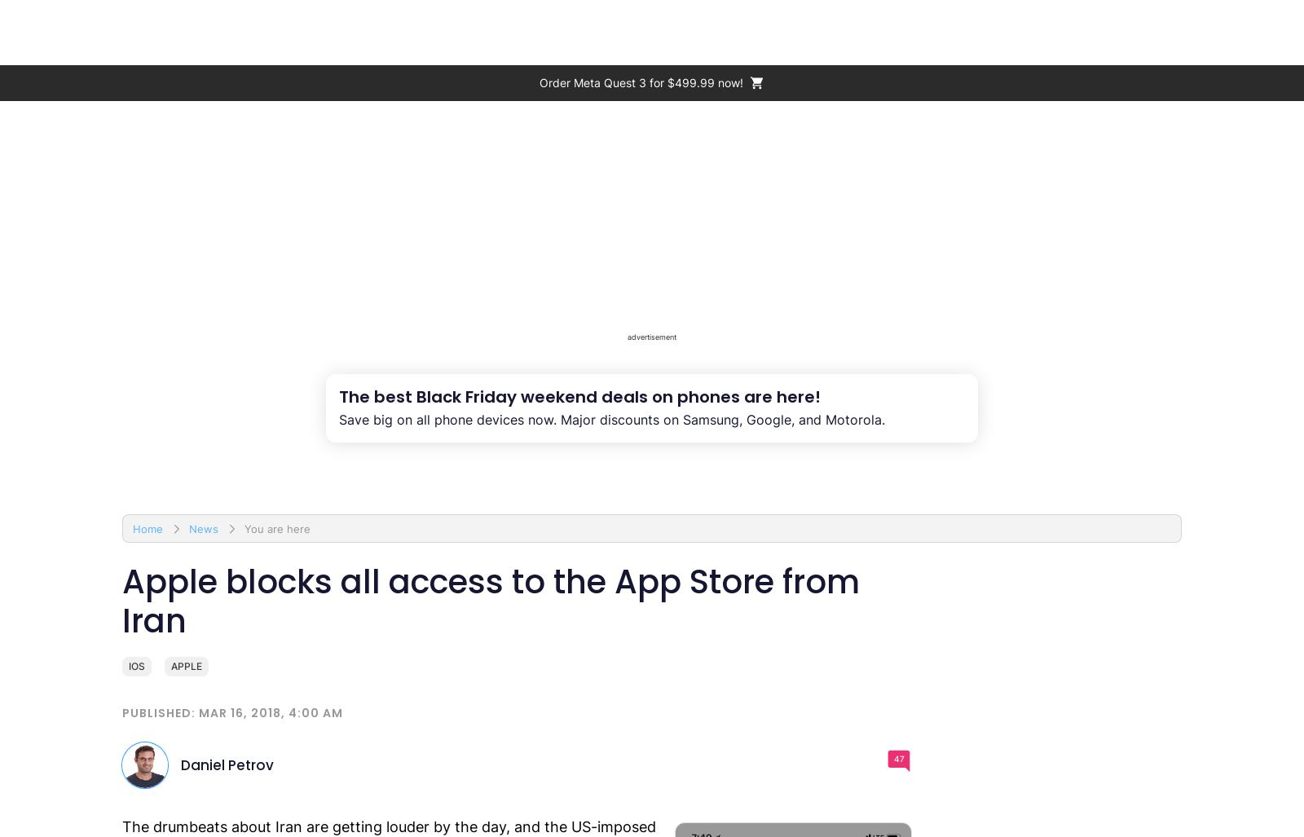  I want to click on '4', so click(1238, 26).